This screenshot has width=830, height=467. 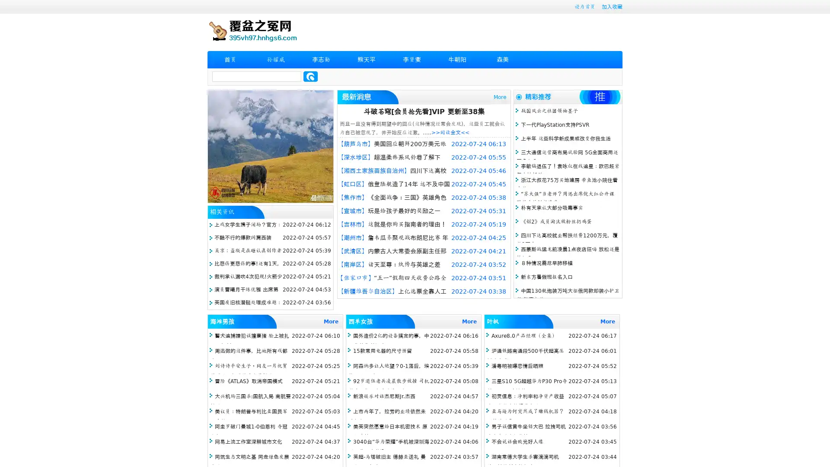 I want to click on Search, so click(x=310, y=76).